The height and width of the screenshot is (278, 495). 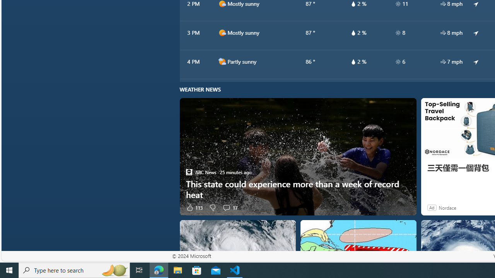 What do you see at coordinates (476, 61) in the screenshot?
I see `'common/arrow'` at bounding box center [476, 61].